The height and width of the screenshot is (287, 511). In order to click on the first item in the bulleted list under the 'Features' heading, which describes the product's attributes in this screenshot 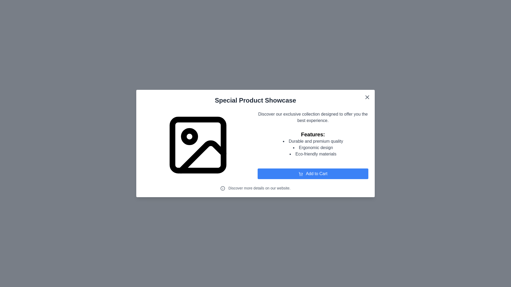, I will do `click(313, 141)`.